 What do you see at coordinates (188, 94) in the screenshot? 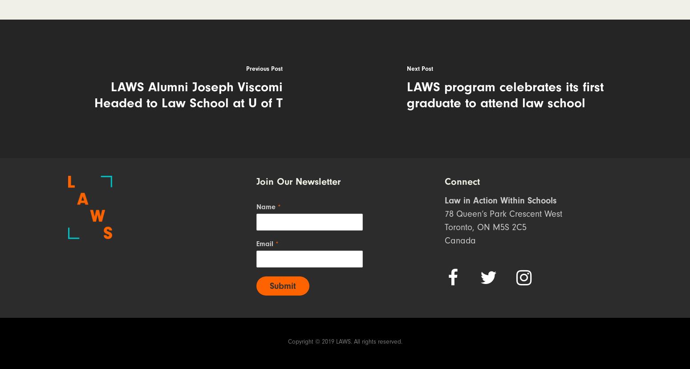
I see `'LAWS Alumni Joseph Viscomi Headed to Law School at U of T'` at bounding box center [188, 94].